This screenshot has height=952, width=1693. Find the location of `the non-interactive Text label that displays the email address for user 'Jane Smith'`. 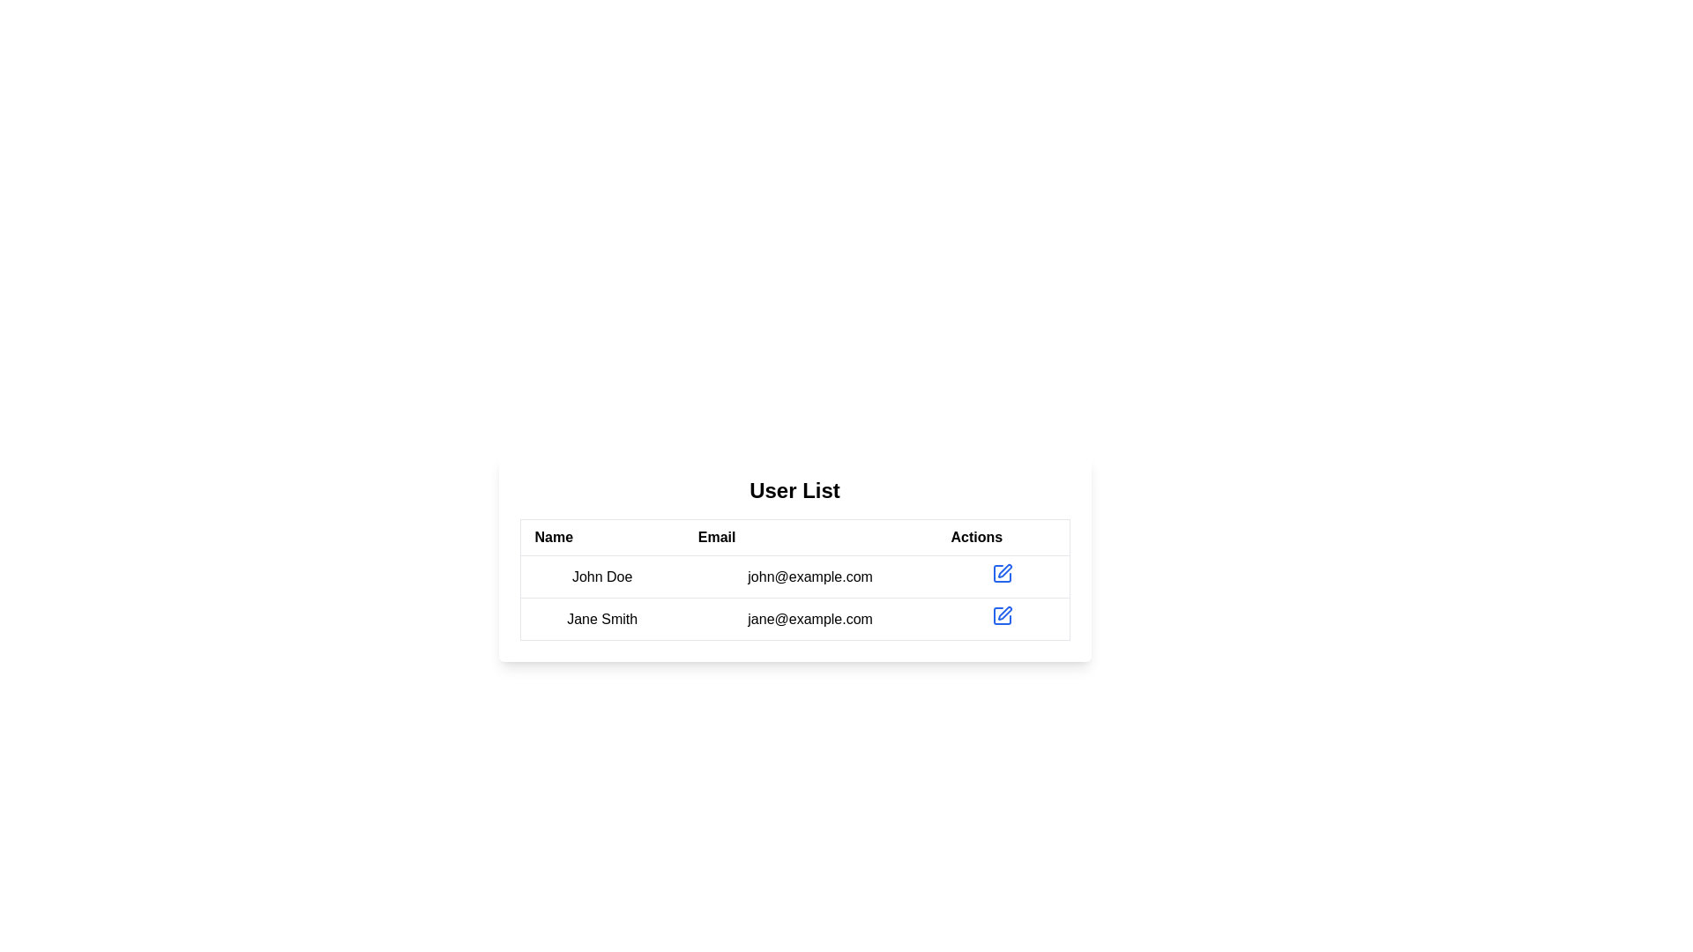

the non-interactive Text label that displays the email address for user 'Jane Smith' is located at coordinates (809, 618).